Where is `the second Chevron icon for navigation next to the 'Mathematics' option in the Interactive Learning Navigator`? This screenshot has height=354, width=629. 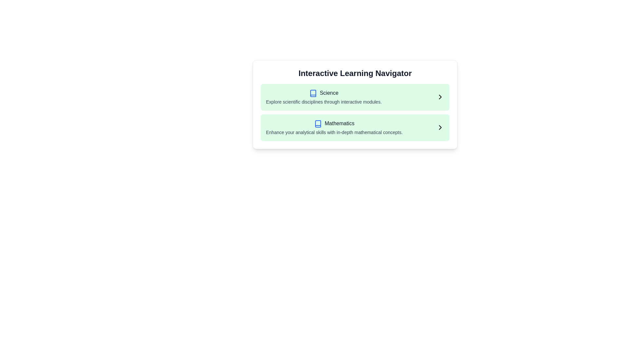
the second Chevron icon for navigation next to the 'Mathematics' option in the Interactive Learning Navigator is located at coordinates (440, 128).